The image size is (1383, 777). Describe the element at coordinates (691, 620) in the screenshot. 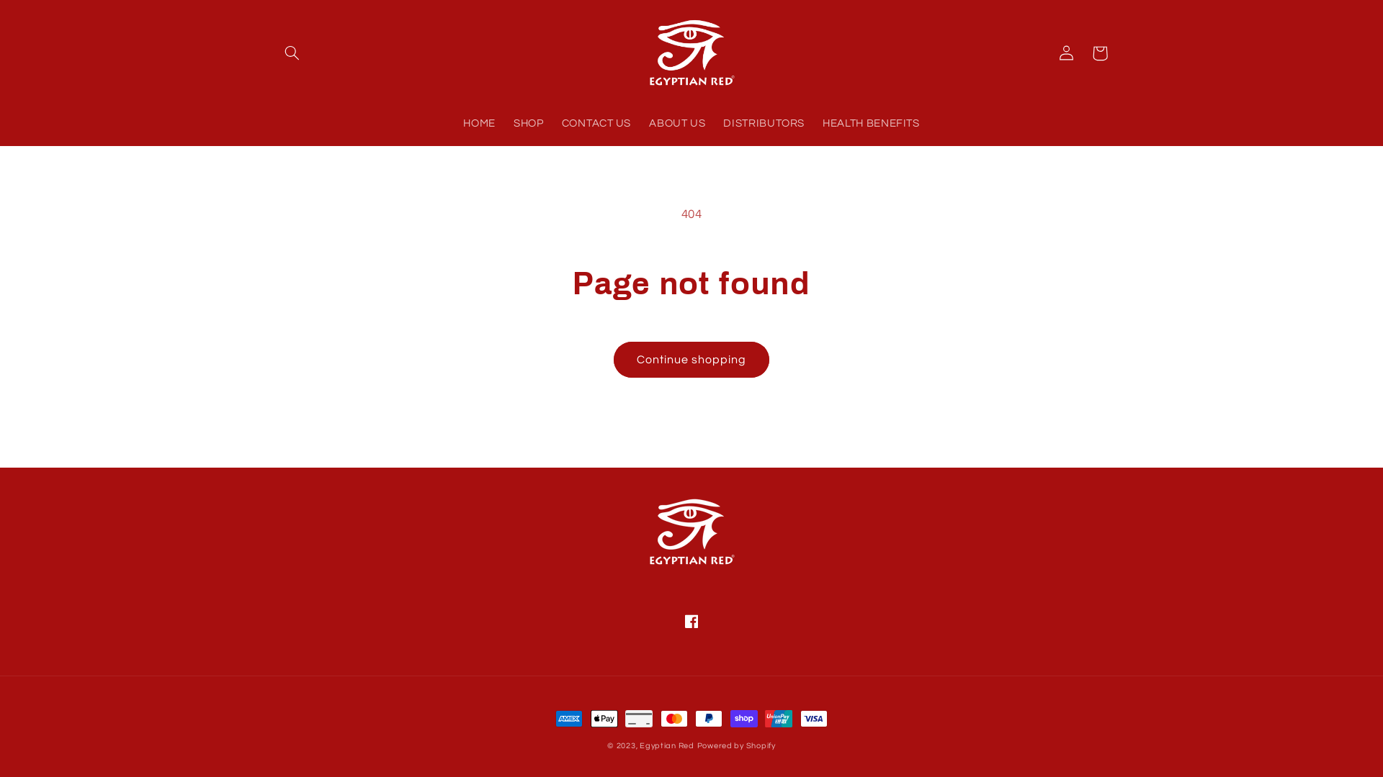

I see `'Facebook'` at that location.